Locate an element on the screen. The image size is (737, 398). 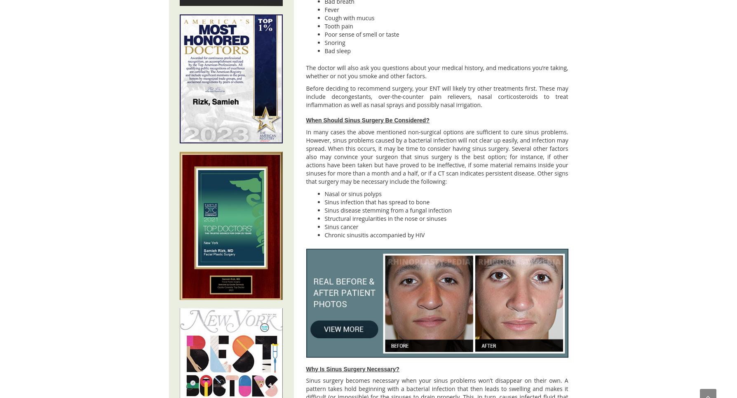
'Sinus disease stemming from a fungal infection' is located at coordinates (388, 209).